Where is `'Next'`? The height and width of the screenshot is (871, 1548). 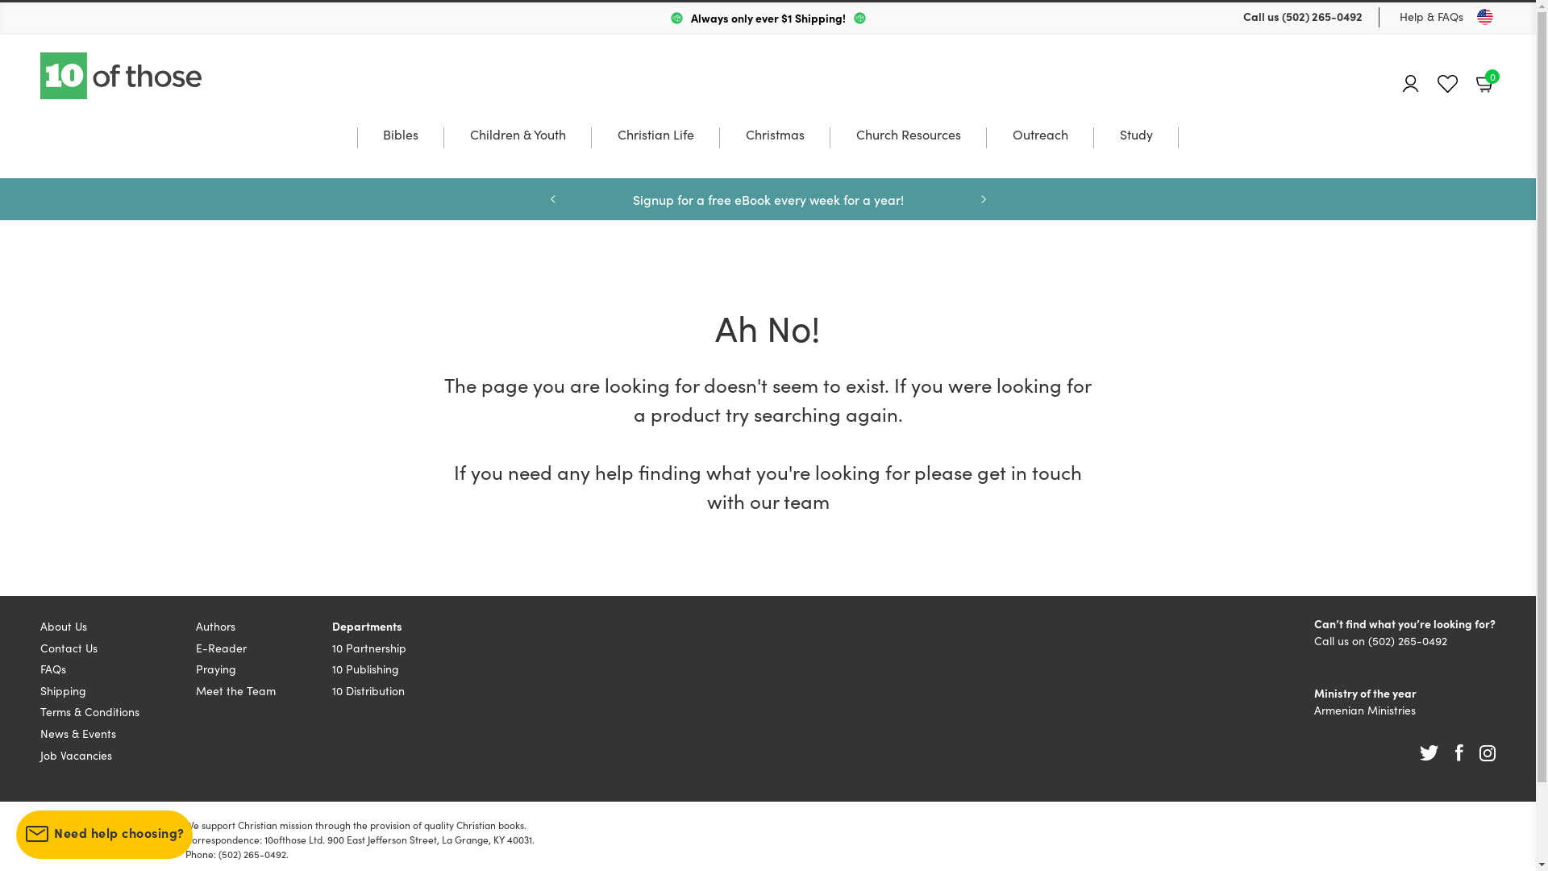
'Next' is located at coordinates (982, 198).